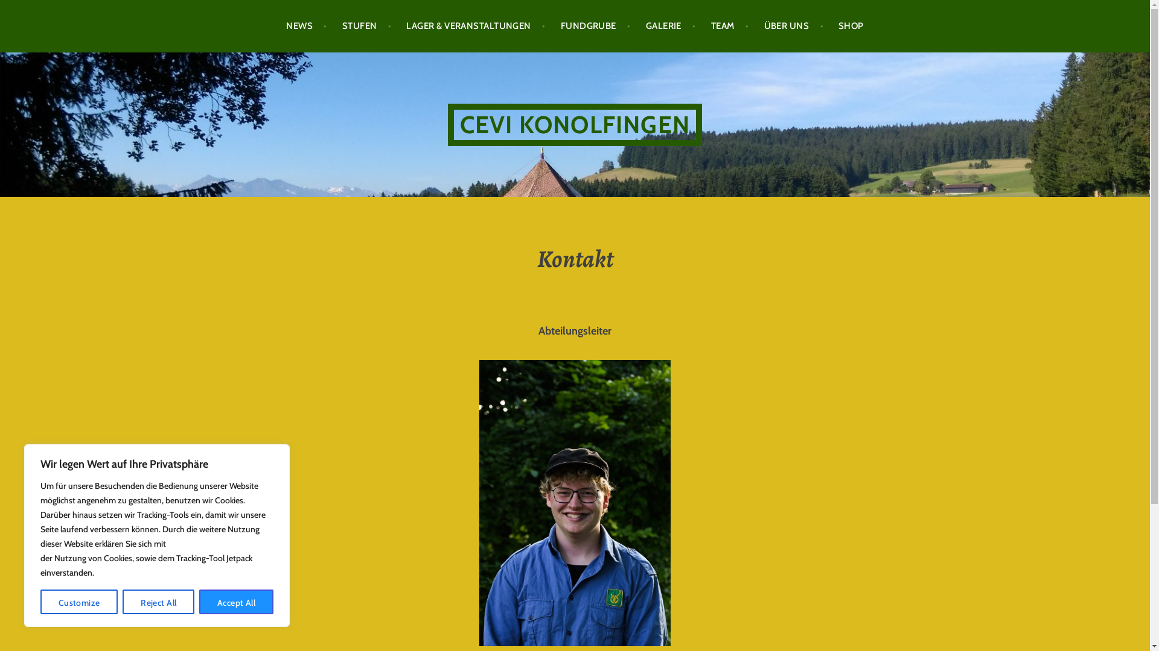 The width and height of the screenshot is (1159, 651). I want to click on 'Accept All', so click(199, 602).